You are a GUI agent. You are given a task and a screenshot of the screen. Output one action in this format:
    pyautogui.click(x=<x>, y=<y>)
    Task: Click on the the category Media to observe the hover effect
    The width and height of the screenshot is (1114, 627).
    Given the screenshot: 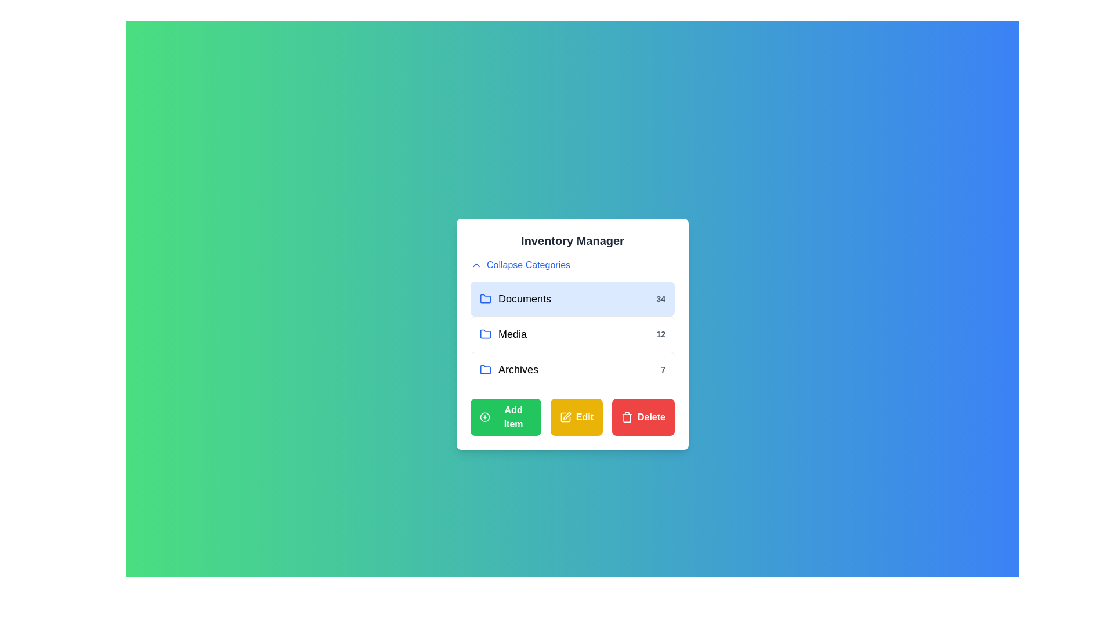 What is the action you would take?
    pyautogui.click(x=573, y=333)
    